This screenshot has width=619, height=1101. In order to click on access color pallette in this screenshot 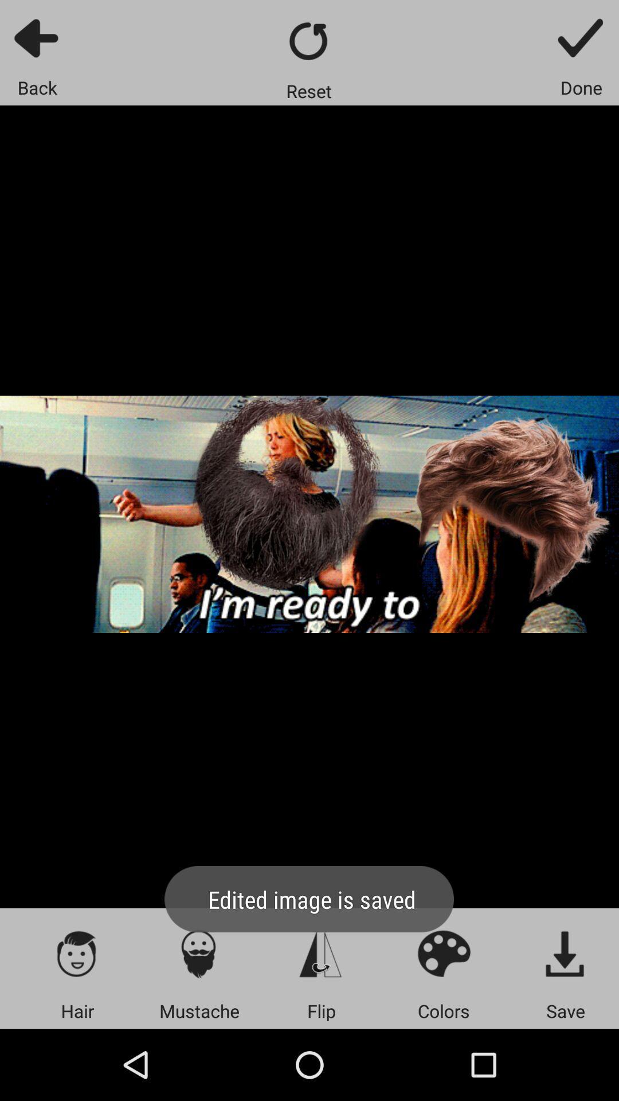, I will do `click(443, 953)`.